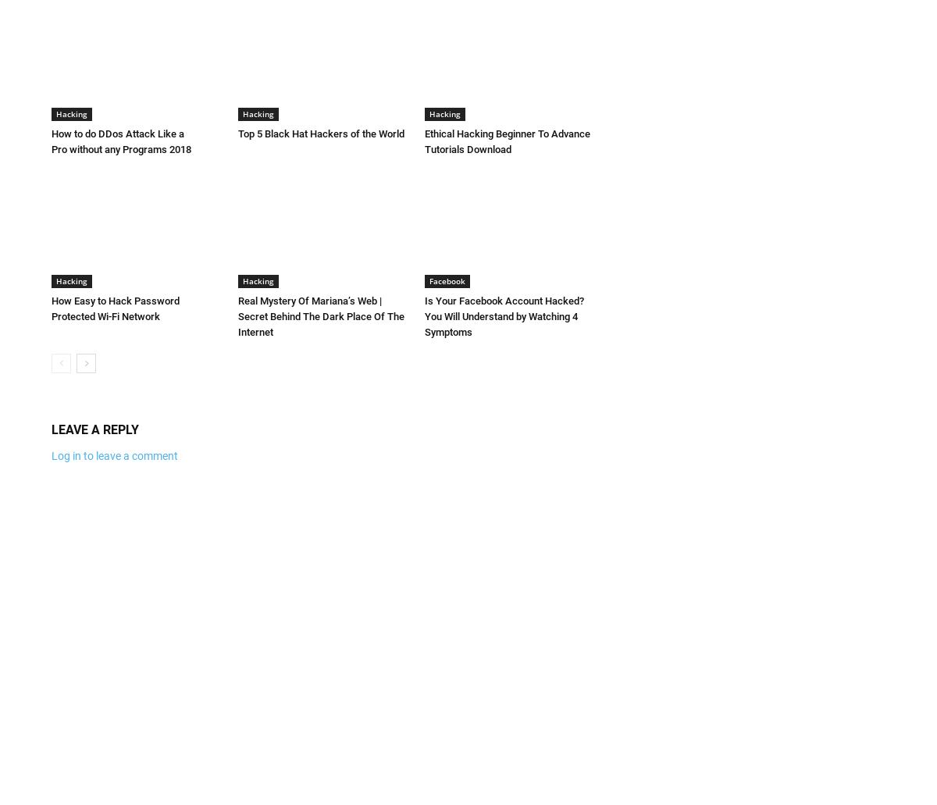  Describe the element at coordinates (95, 428) in the screenshot. I see `'LEAVE A REPLY'` at that location.